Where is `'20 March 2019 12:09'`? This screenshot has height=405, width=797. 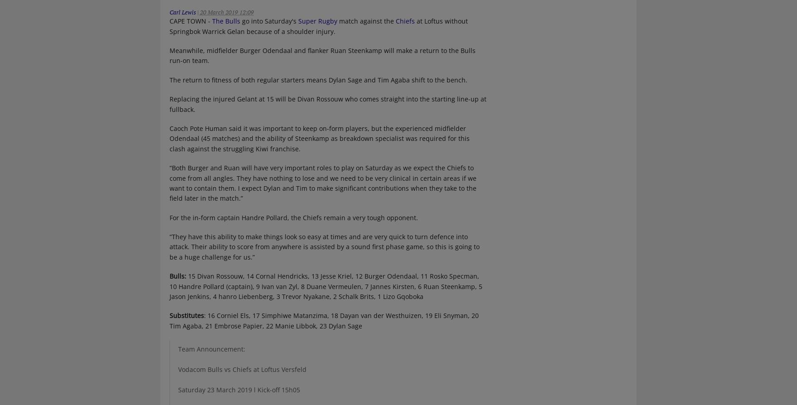
'20 March 2019 12:09' is located at coordinates (226, 12).